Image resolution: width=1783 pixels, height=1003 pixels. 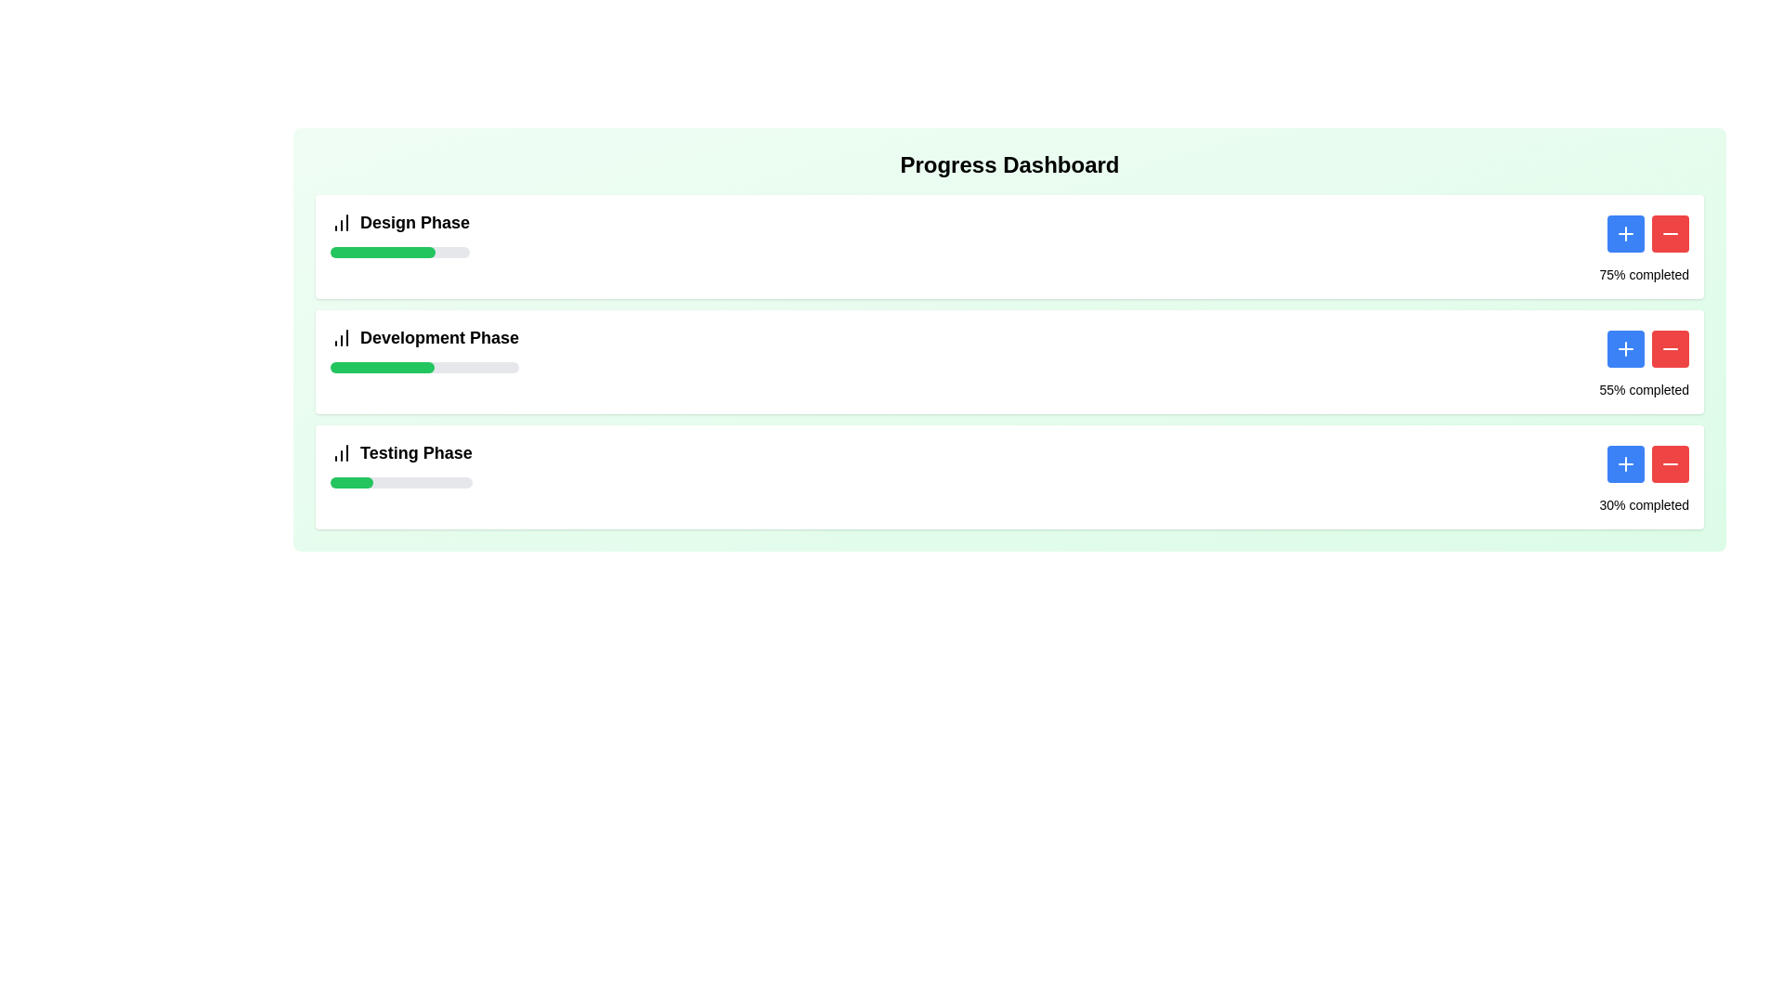 What do you see at coordinates (1625, 232) in the screenshot?
I see `the blue increment button located at the end of the 'Design Phase' progress card, positioned to the left of the red minus button` at bounding box center [1625, 232].